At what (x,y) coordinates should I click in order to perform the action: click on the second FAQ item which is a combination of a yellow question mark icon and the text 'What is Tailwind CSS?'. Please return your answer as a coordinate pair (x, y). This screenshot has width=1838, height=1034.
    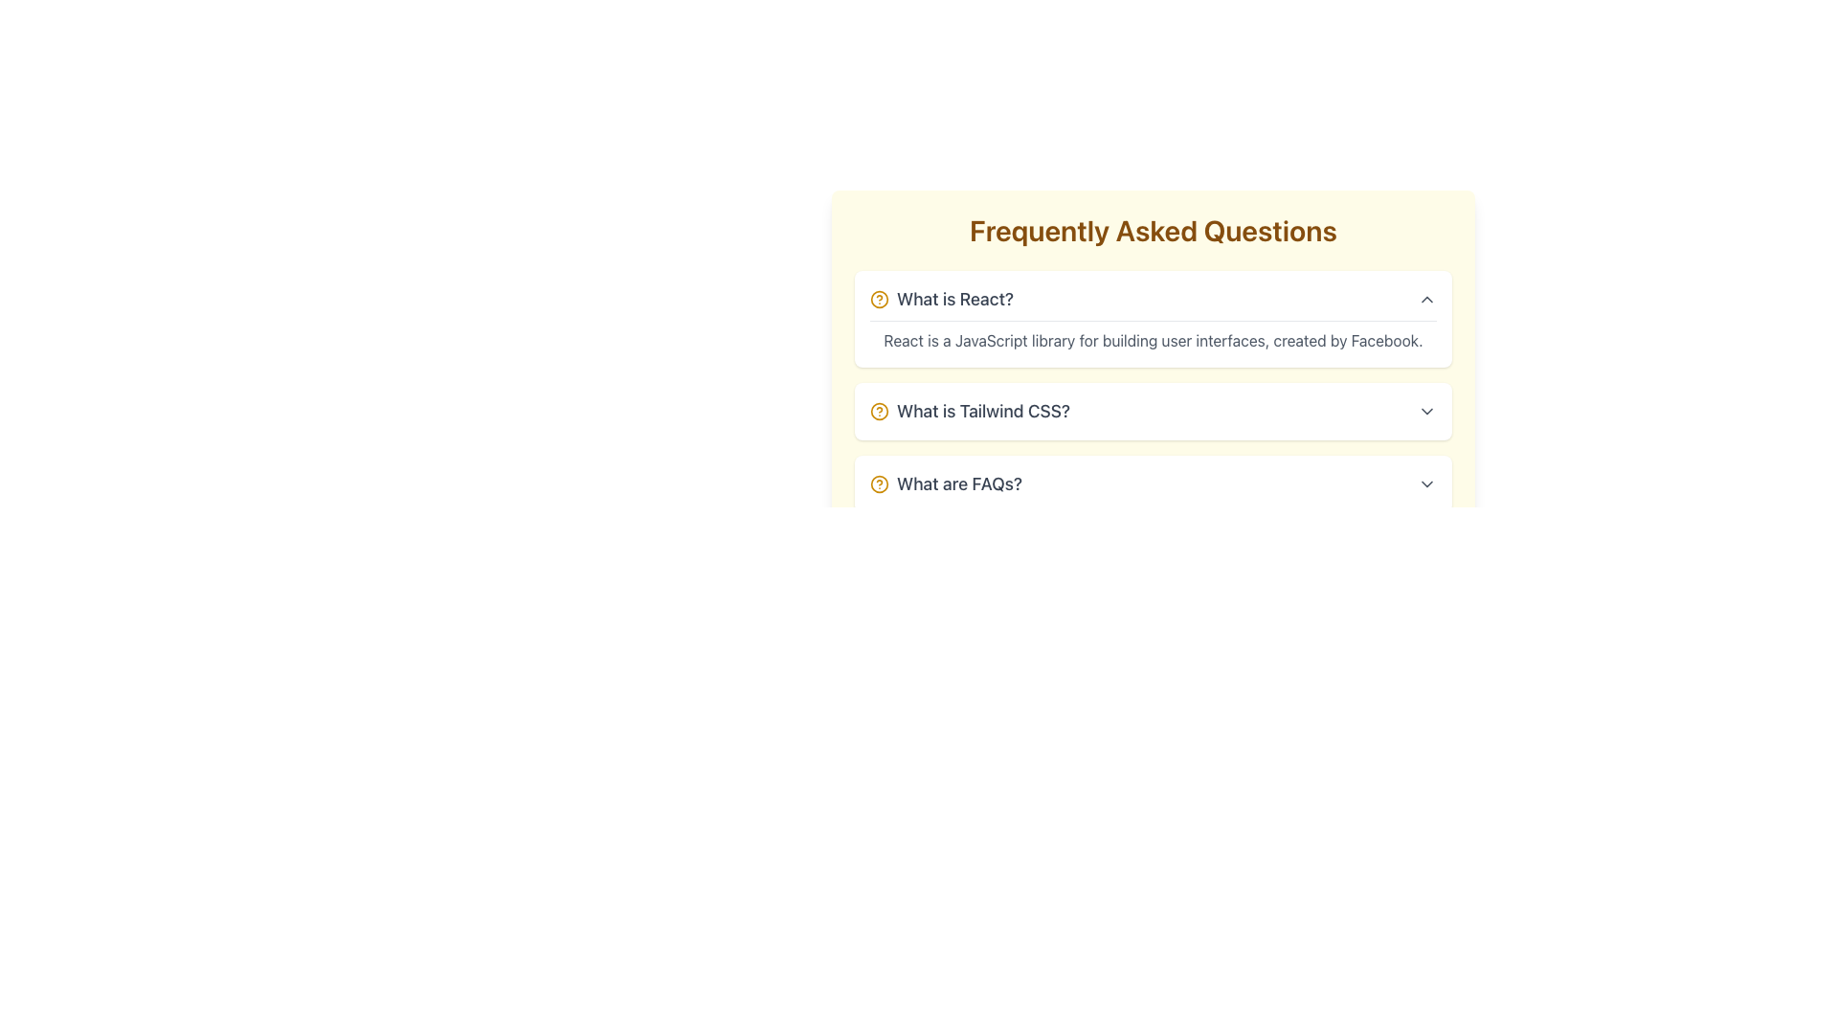
    Looking at the image, I should click on (970, 410).